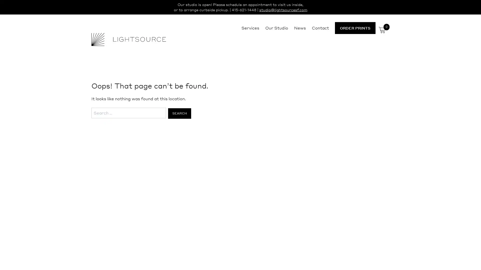  Describe the element at coordinates (287, 174) in the screenshot. I see `Sign up` at that location.